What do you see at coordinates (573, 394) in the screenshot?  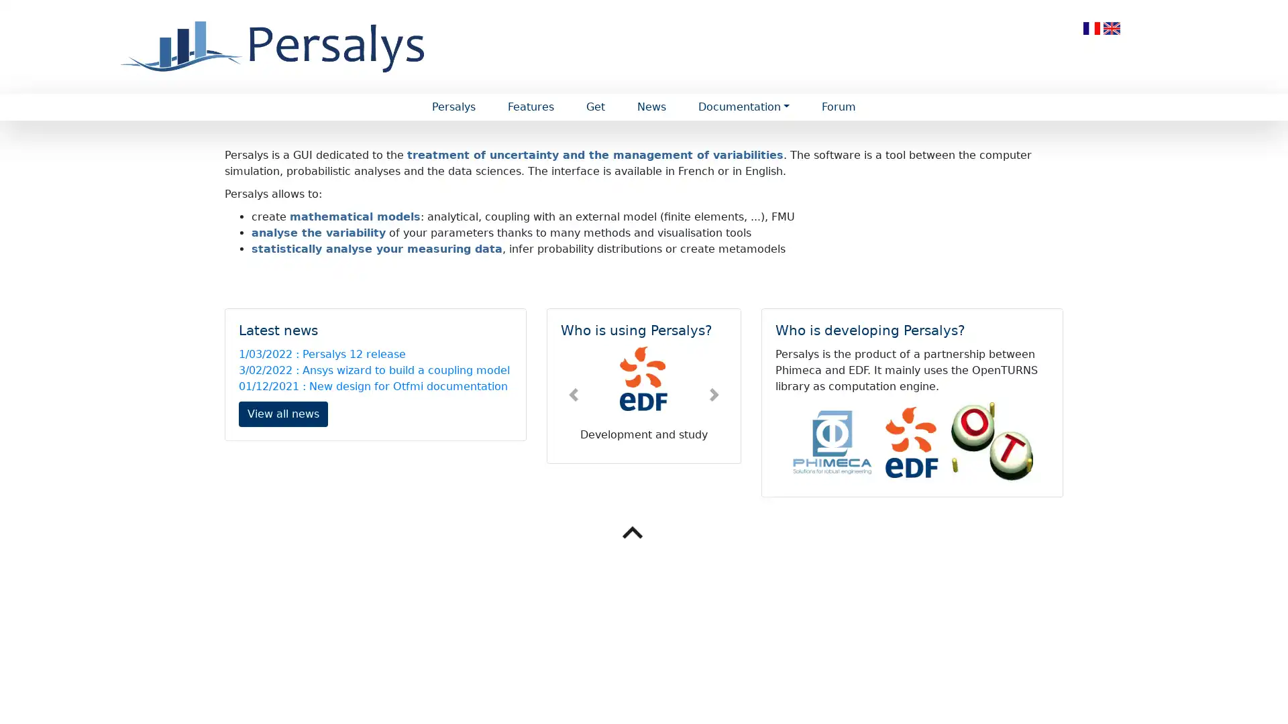 I see `Previous` at bounding box center [573, 394].